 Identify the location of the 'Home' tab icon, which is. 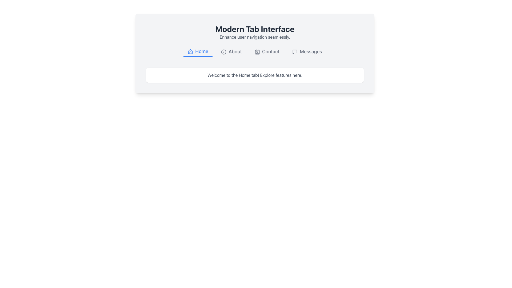
(190, 51).